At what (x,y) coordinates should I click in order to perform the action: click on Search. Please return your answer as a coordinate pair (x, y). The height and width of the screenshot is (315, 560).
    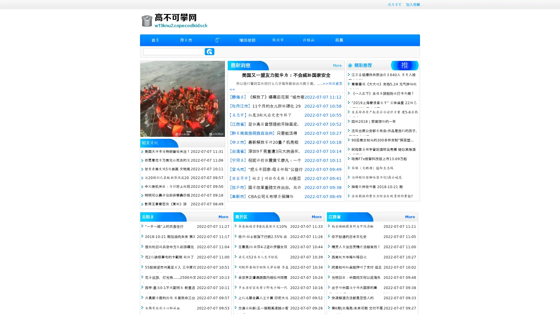
    Looking at the image, I should click on (209, 51).